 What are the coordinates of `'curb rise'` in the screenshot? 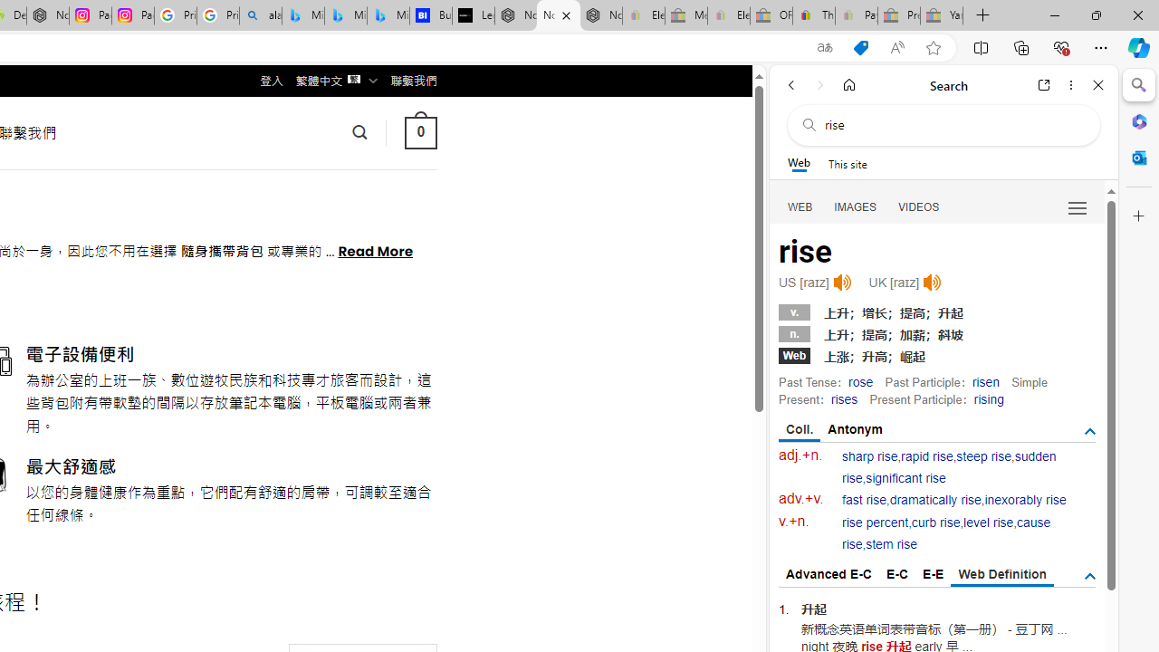 It's located at (935, 523).